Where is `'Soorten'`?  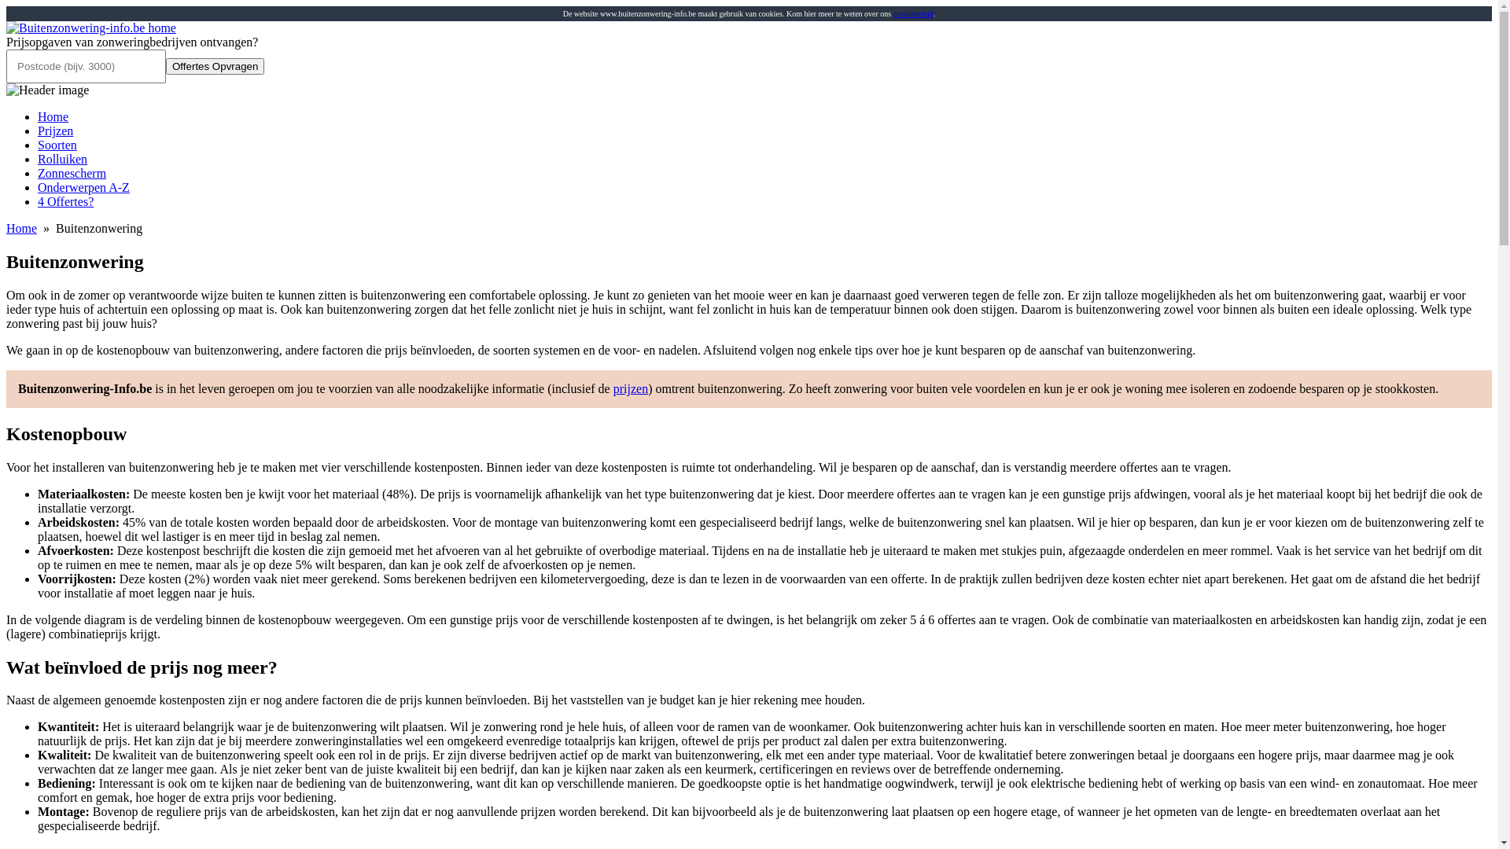
'Soorten' is located at coordinates (57, 145).